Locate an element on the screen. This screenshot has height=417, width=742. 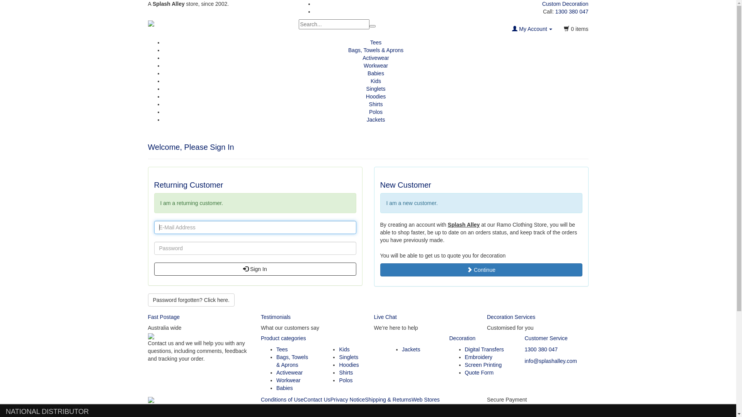
'1300 380 047' is located at coordinates (555, 12).